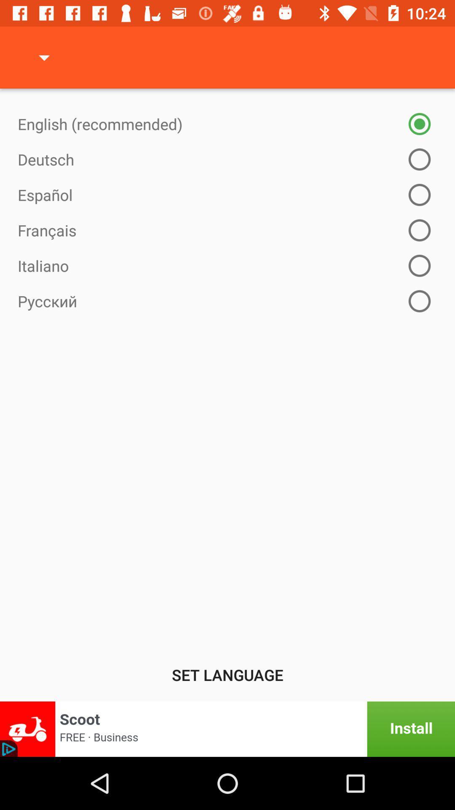  What do you see at coordinates (227, 729) in the screenshot?
I see `item below set language` at bounding box center [227, 729].